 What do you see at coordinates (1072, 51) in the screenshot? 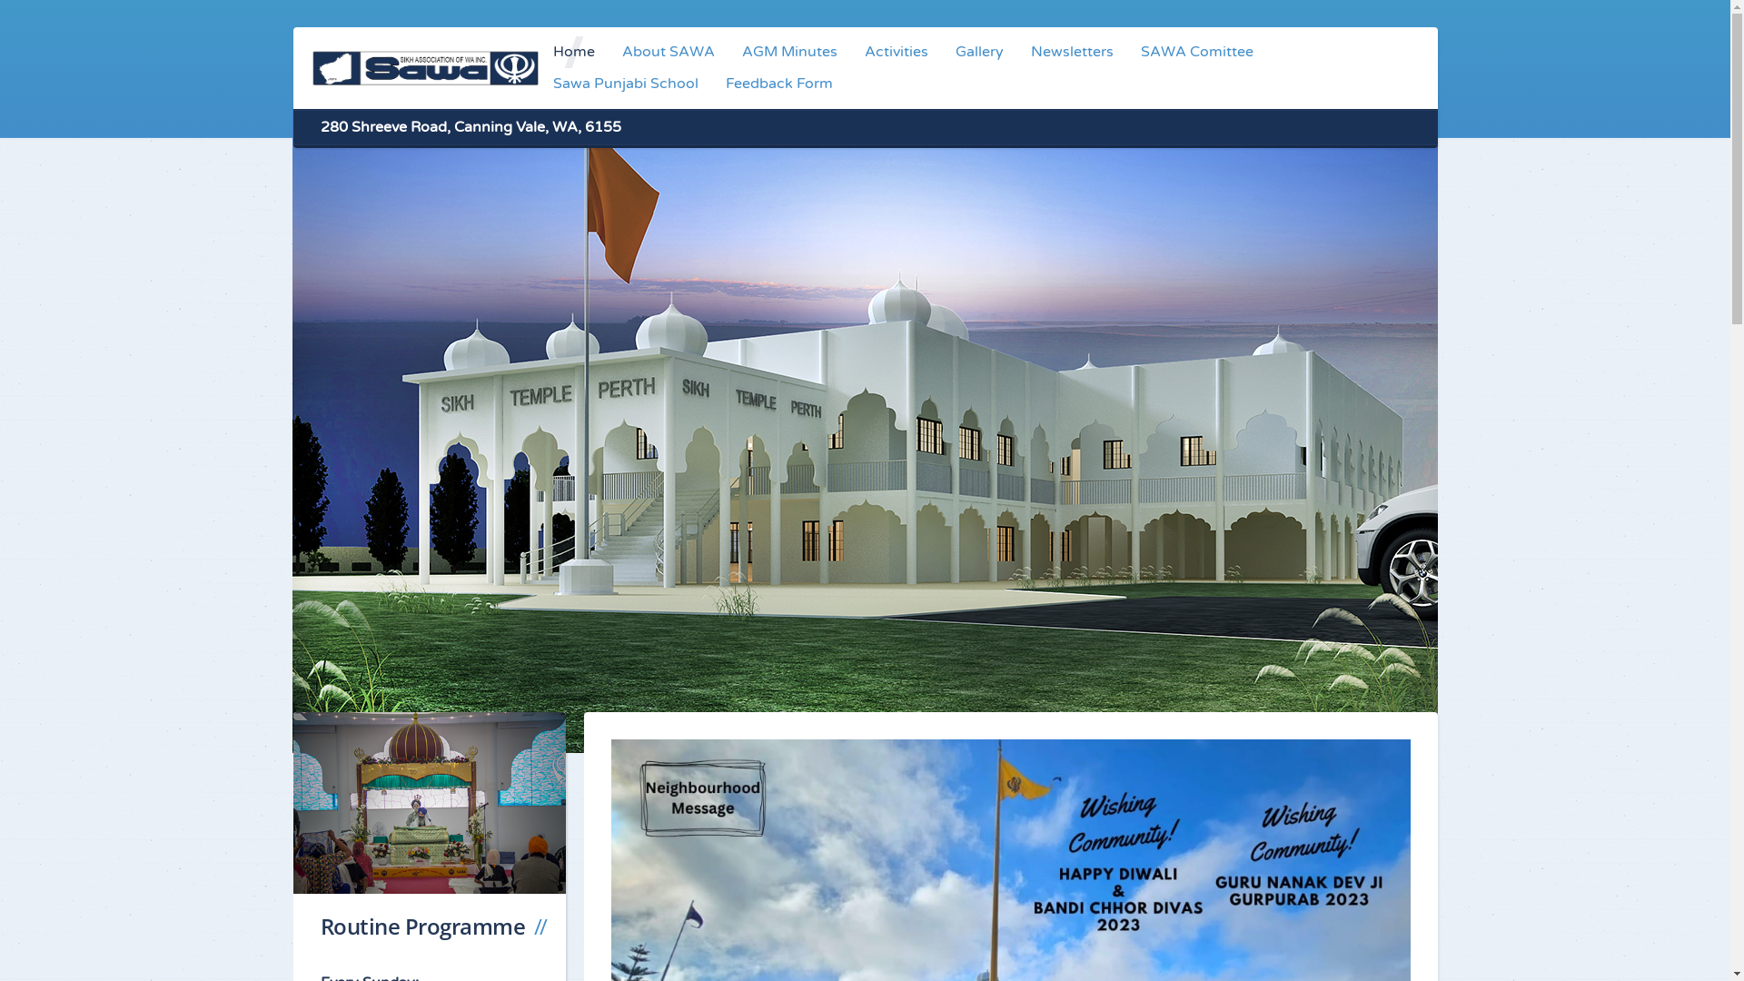
I see `'Newsletters'` at bounding box center [1072, 51].